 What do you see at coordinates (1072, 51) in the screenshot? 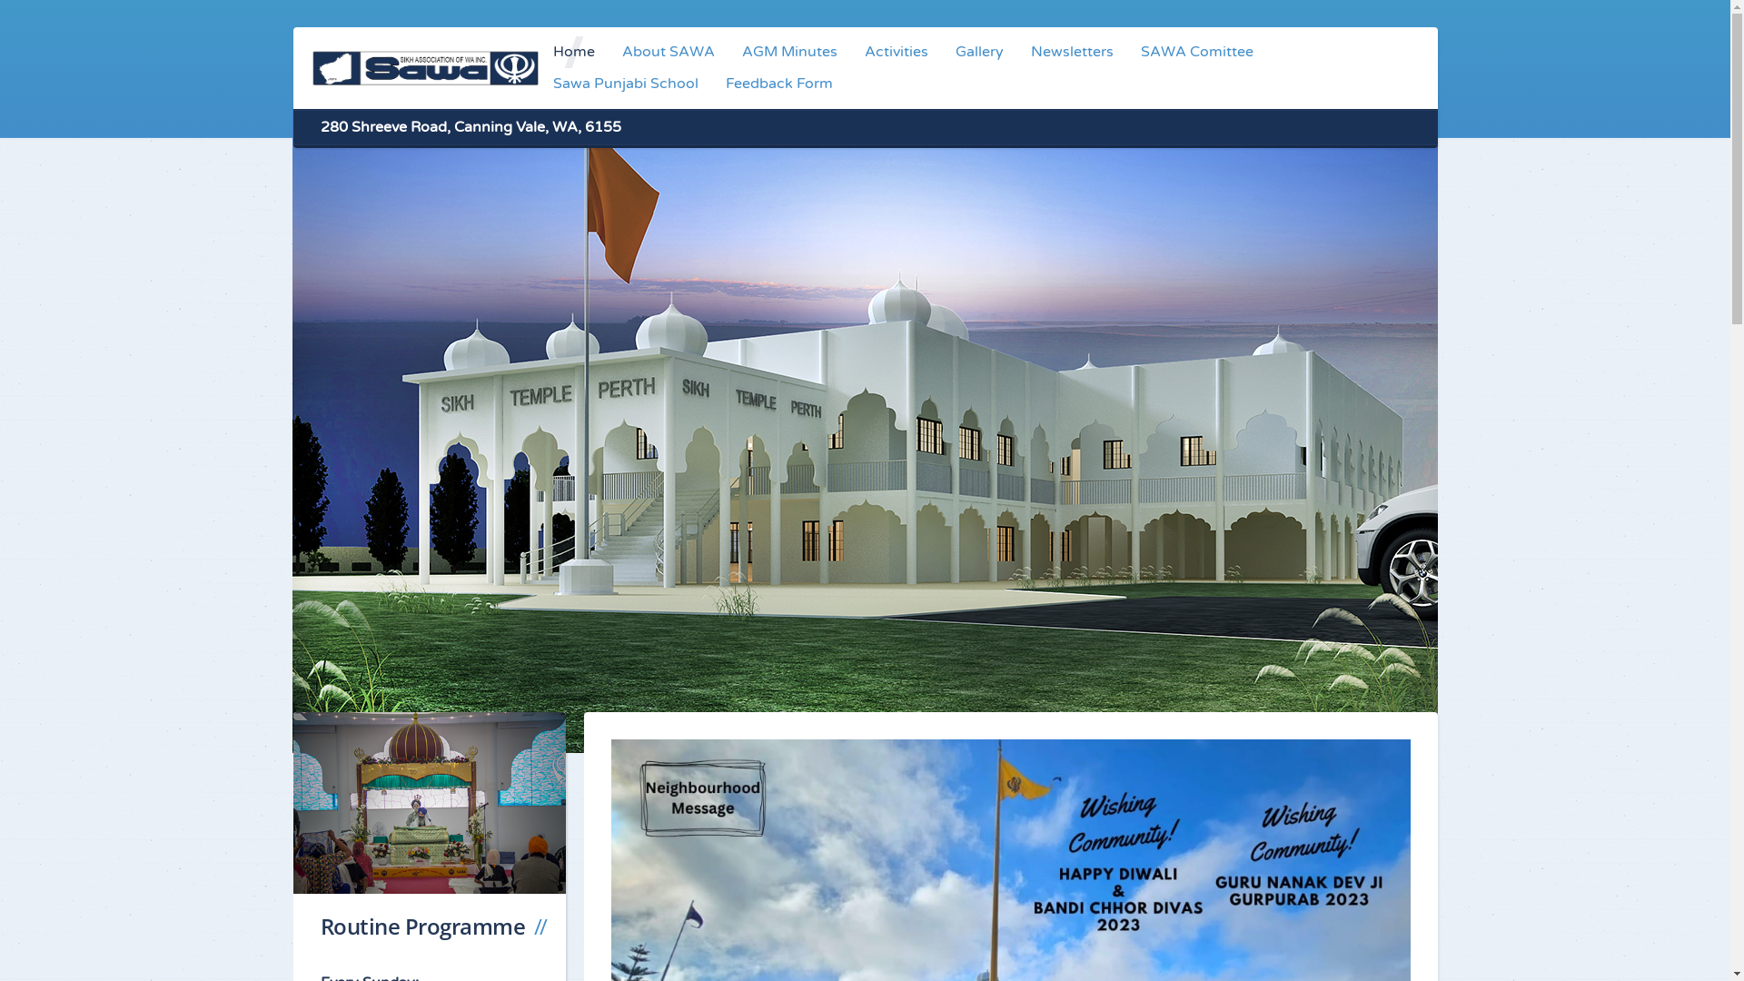
I see `'Newsletters'` at bounding box center [1072, 51].